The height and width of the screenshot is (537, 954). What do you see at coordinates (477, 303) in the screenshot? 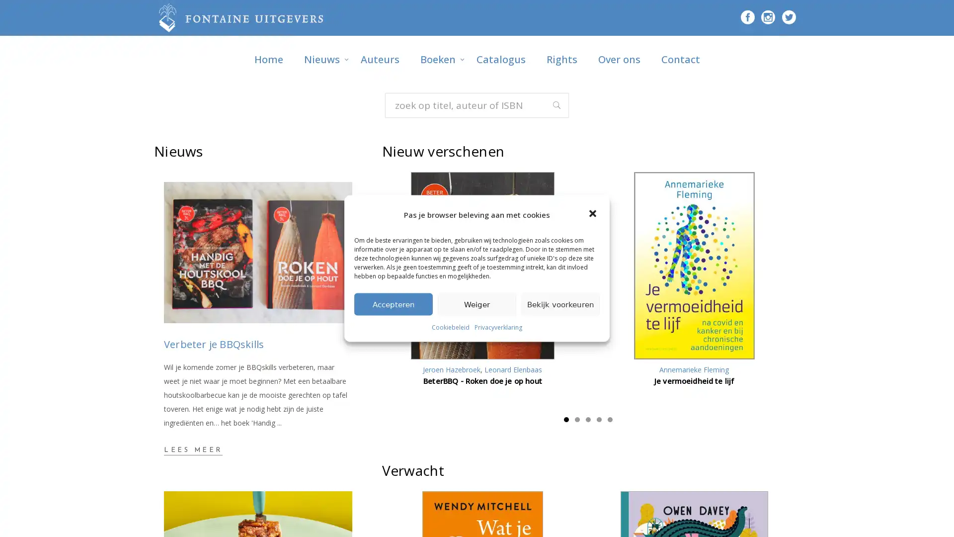
I see `Weiger` at bounding box center [477, 303].